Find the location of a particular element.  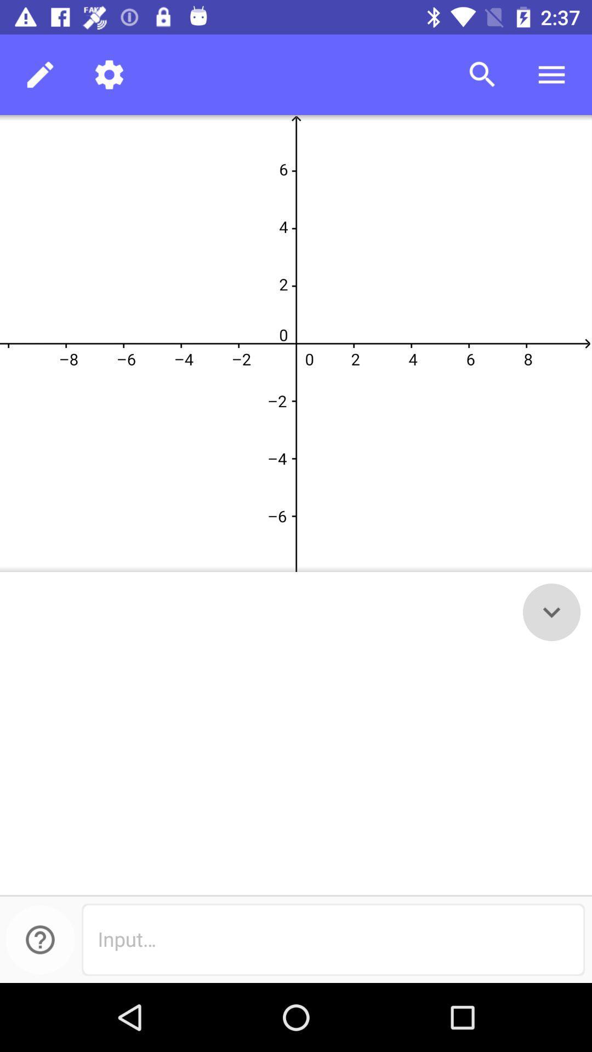

the help icon is located at coordinates (39, 939).